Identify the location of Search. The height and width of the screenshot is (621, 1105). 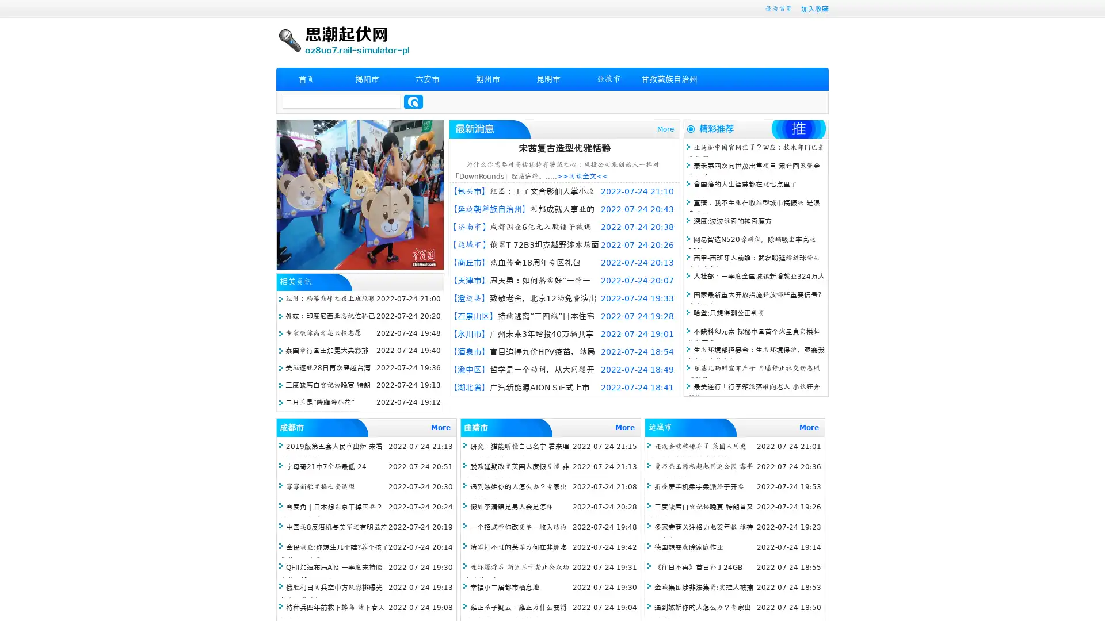
(413, 101).